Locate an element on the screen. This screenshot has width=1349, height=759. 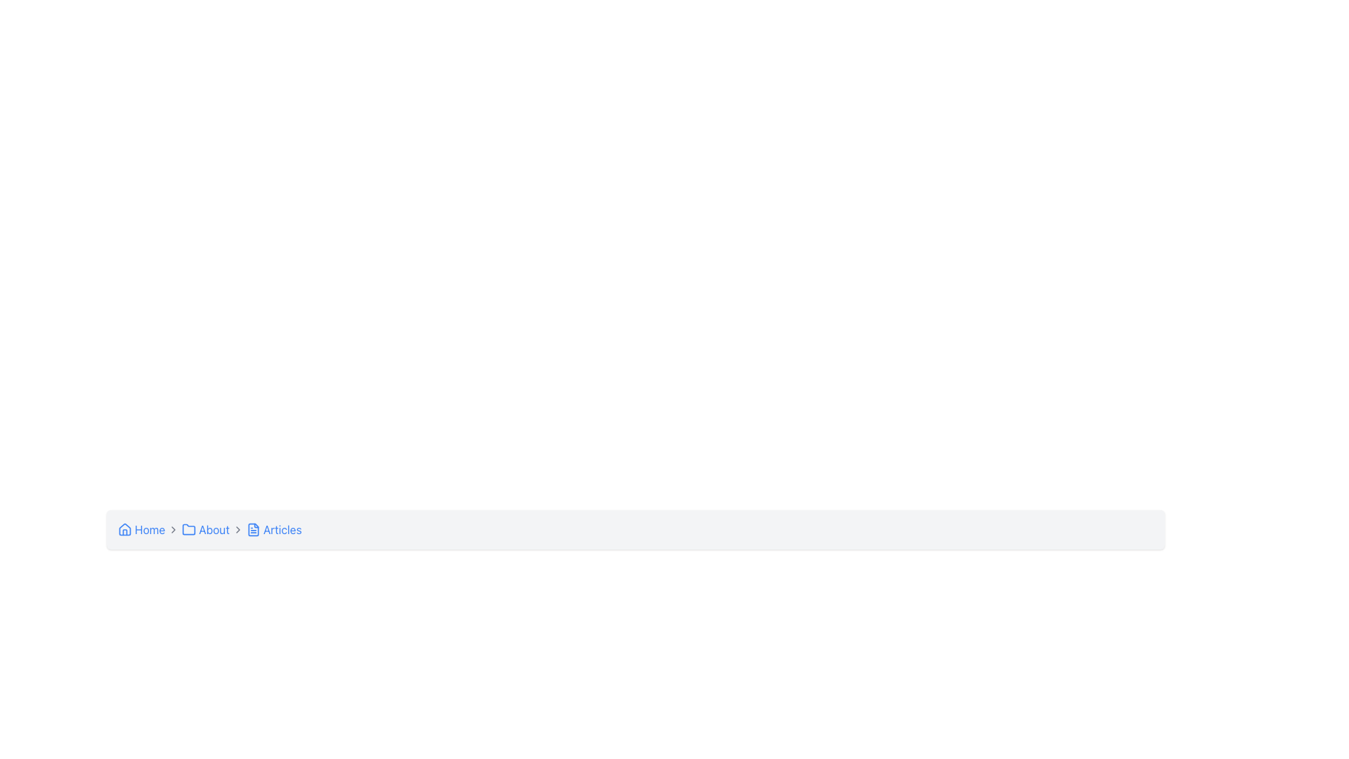
the 'Home' clickable link, which is styled in blue with a house icon on the left, to show context menu options is located at coordinates (141, 529).